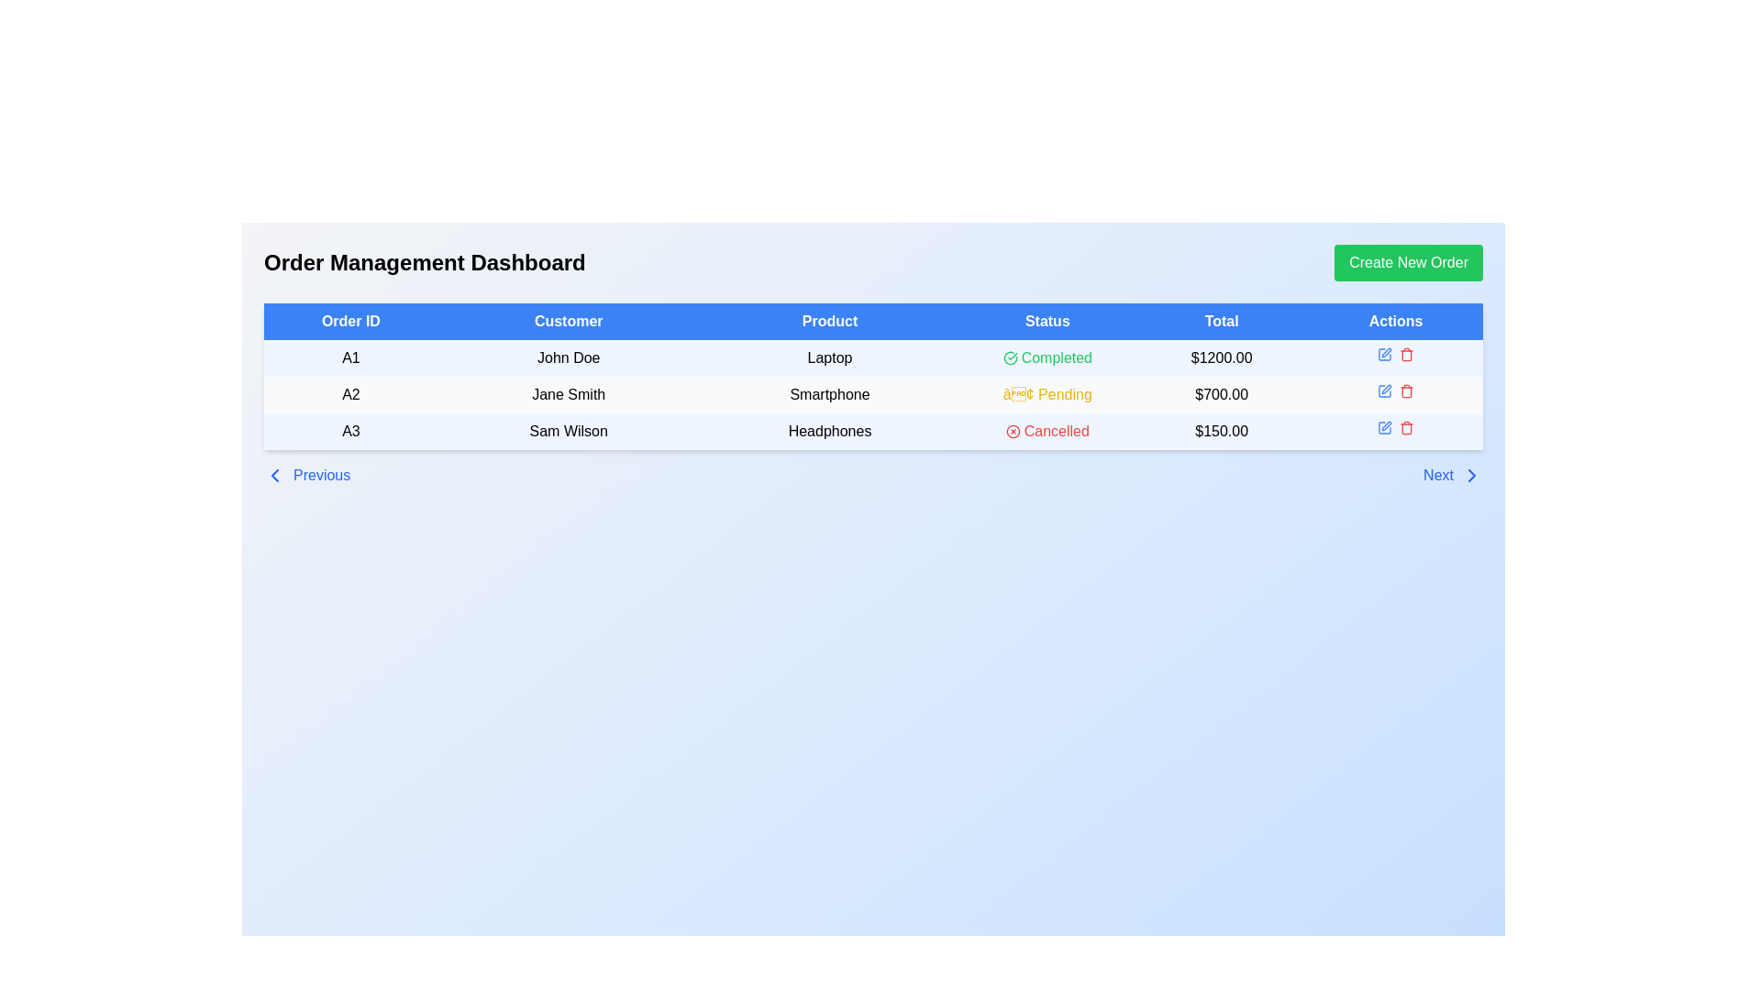 This screenshot has width=1761, height=990. Describe the element at coordinates (1222, 321) in the screenshot. I see `the fifth column header in the table, which lists the total amounts associated with the orders, located between the 'Status' and 'Actions' headers` at that location.